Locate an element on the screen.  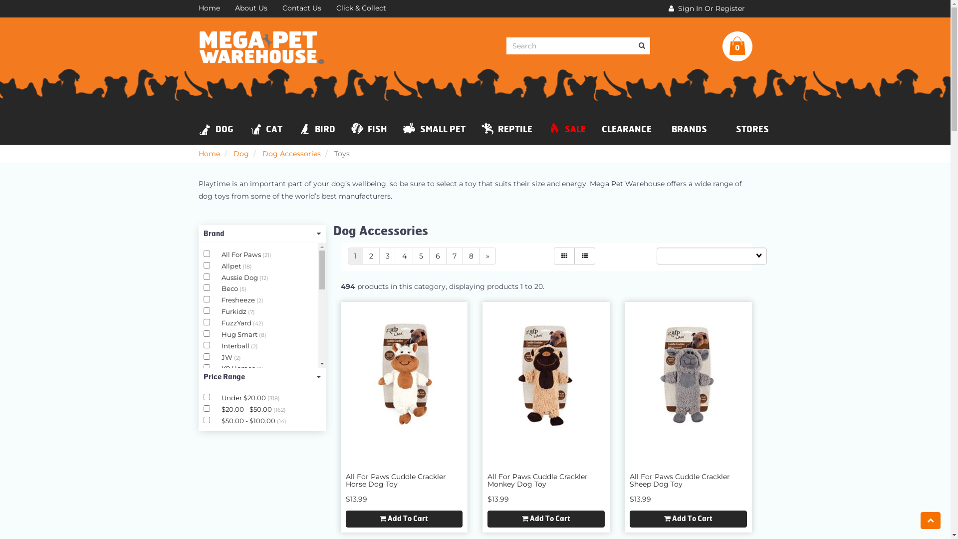
'SMALL PET' is located at coordinates (433, 129).